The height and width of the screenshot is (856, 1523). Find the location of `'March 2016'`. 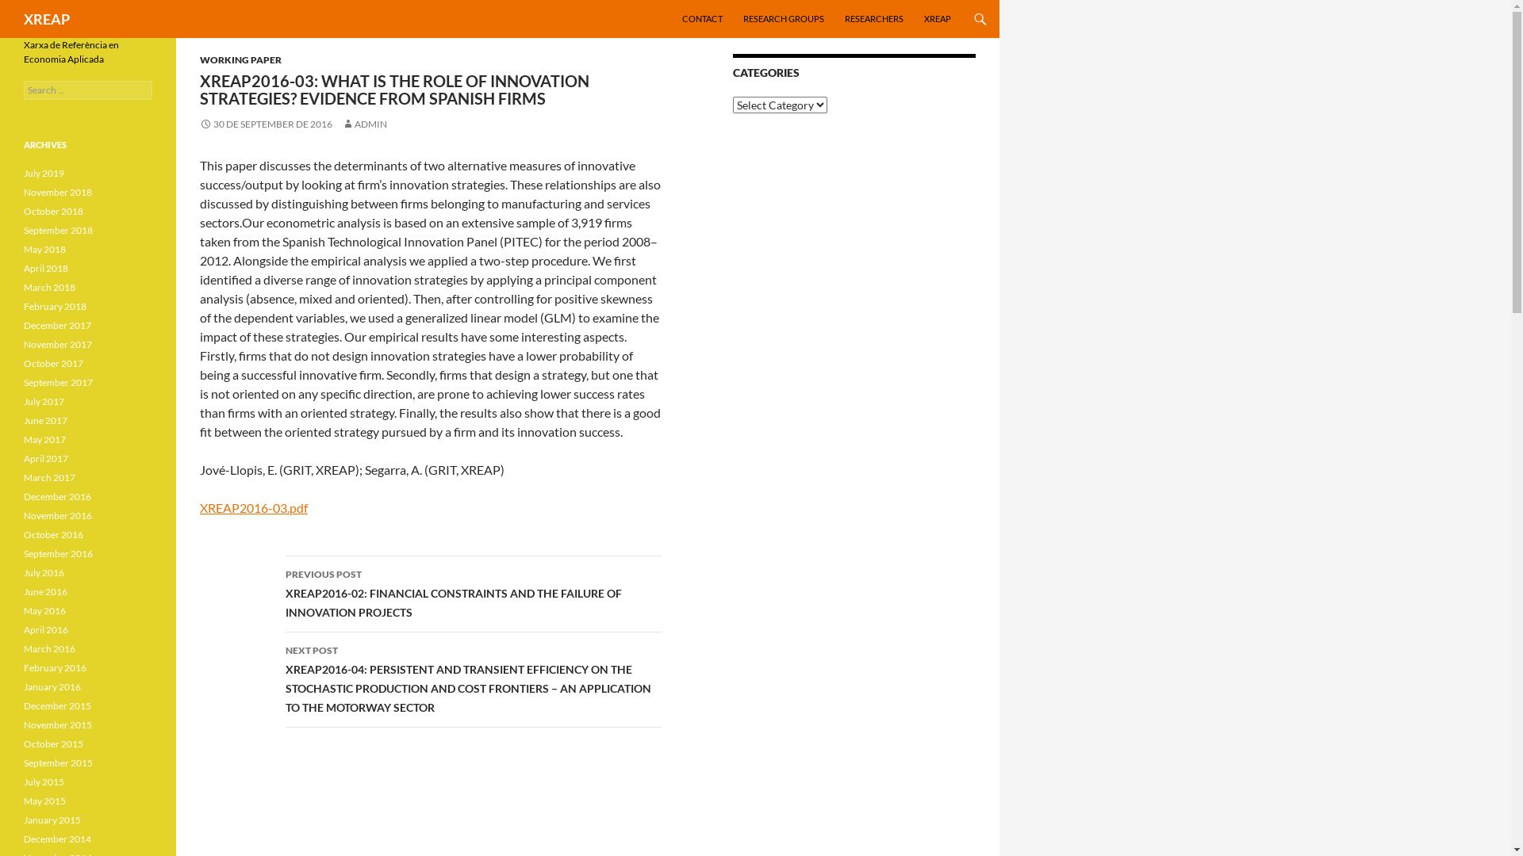

'March 2016' is located at coordinates (49, 648).